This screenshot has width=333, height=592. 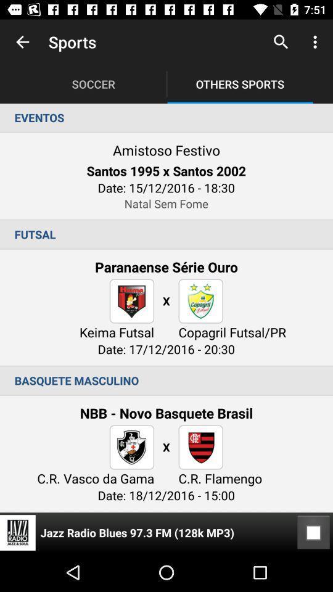 I want to click on icon below the basquete masculino, so click(x=313, y=532).